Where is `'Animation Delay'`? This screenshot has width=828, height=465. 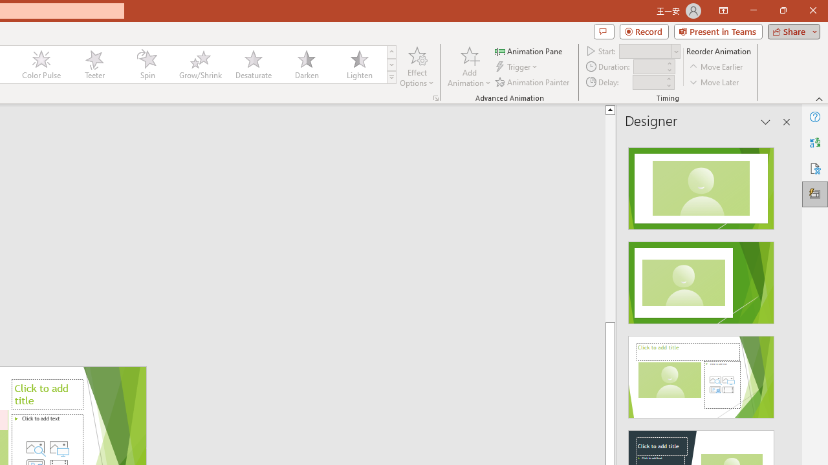 'Animation Delay' is located at coordinates (648, 82).